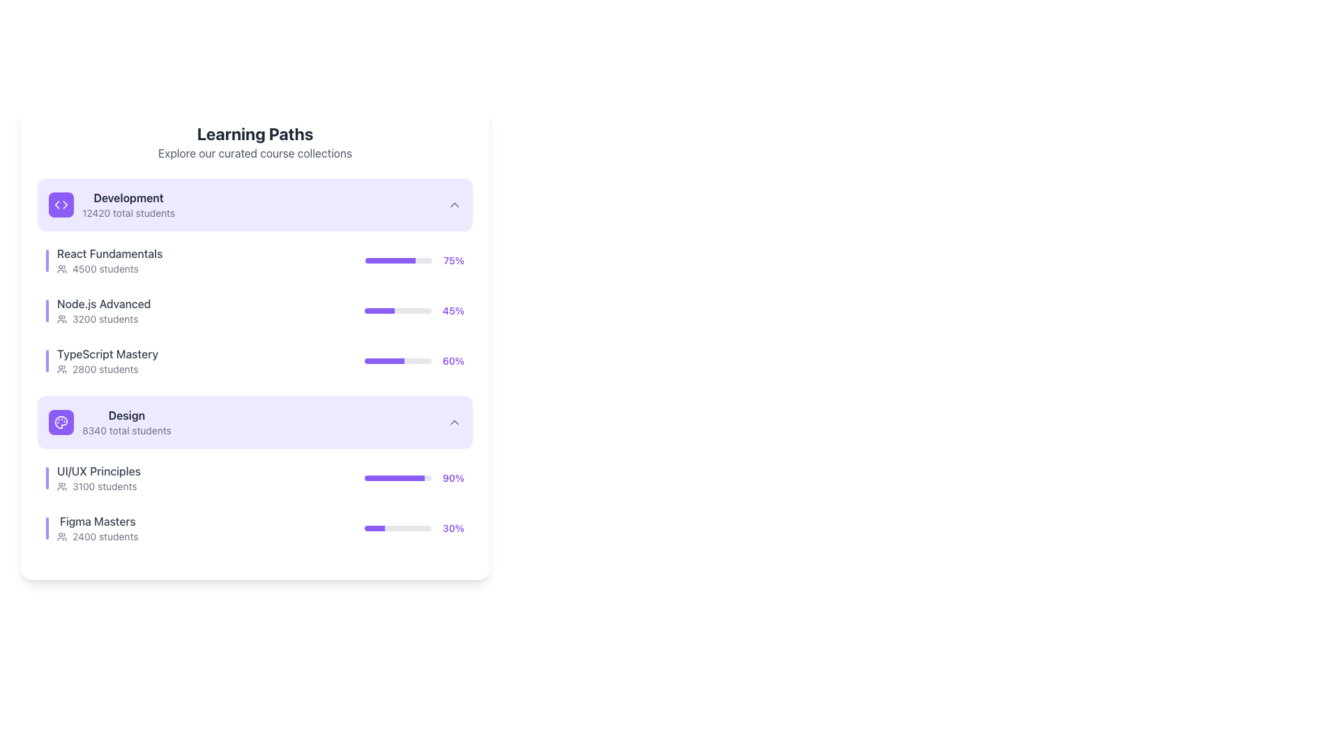  What do you see at coordinates (61, 536) in the screenshot?
I see `the SVG icon representing a group of people, located to the left of the text '2400 students' in the 'Figma Masters' entry within the 'Design' section of the list` at bounding box center [61, 536].